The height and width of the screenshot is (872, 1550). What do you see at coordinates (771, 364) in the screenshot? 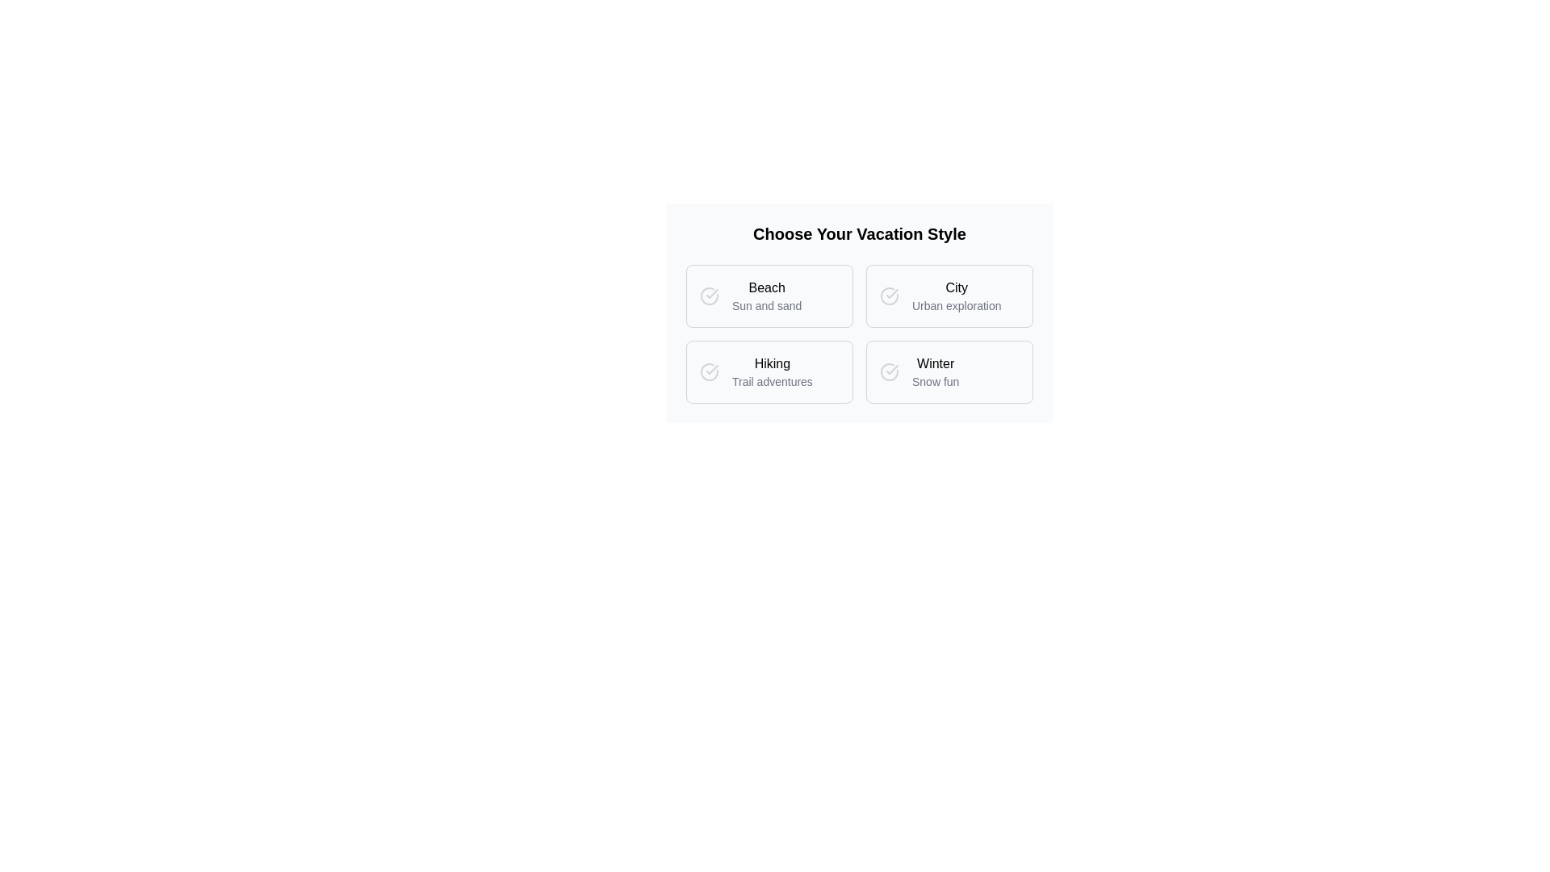
I see `the title label in the lower-left card of the vacation styles grid to trigger the tooltip or highlighting effect` at bounding box center [771, 364].